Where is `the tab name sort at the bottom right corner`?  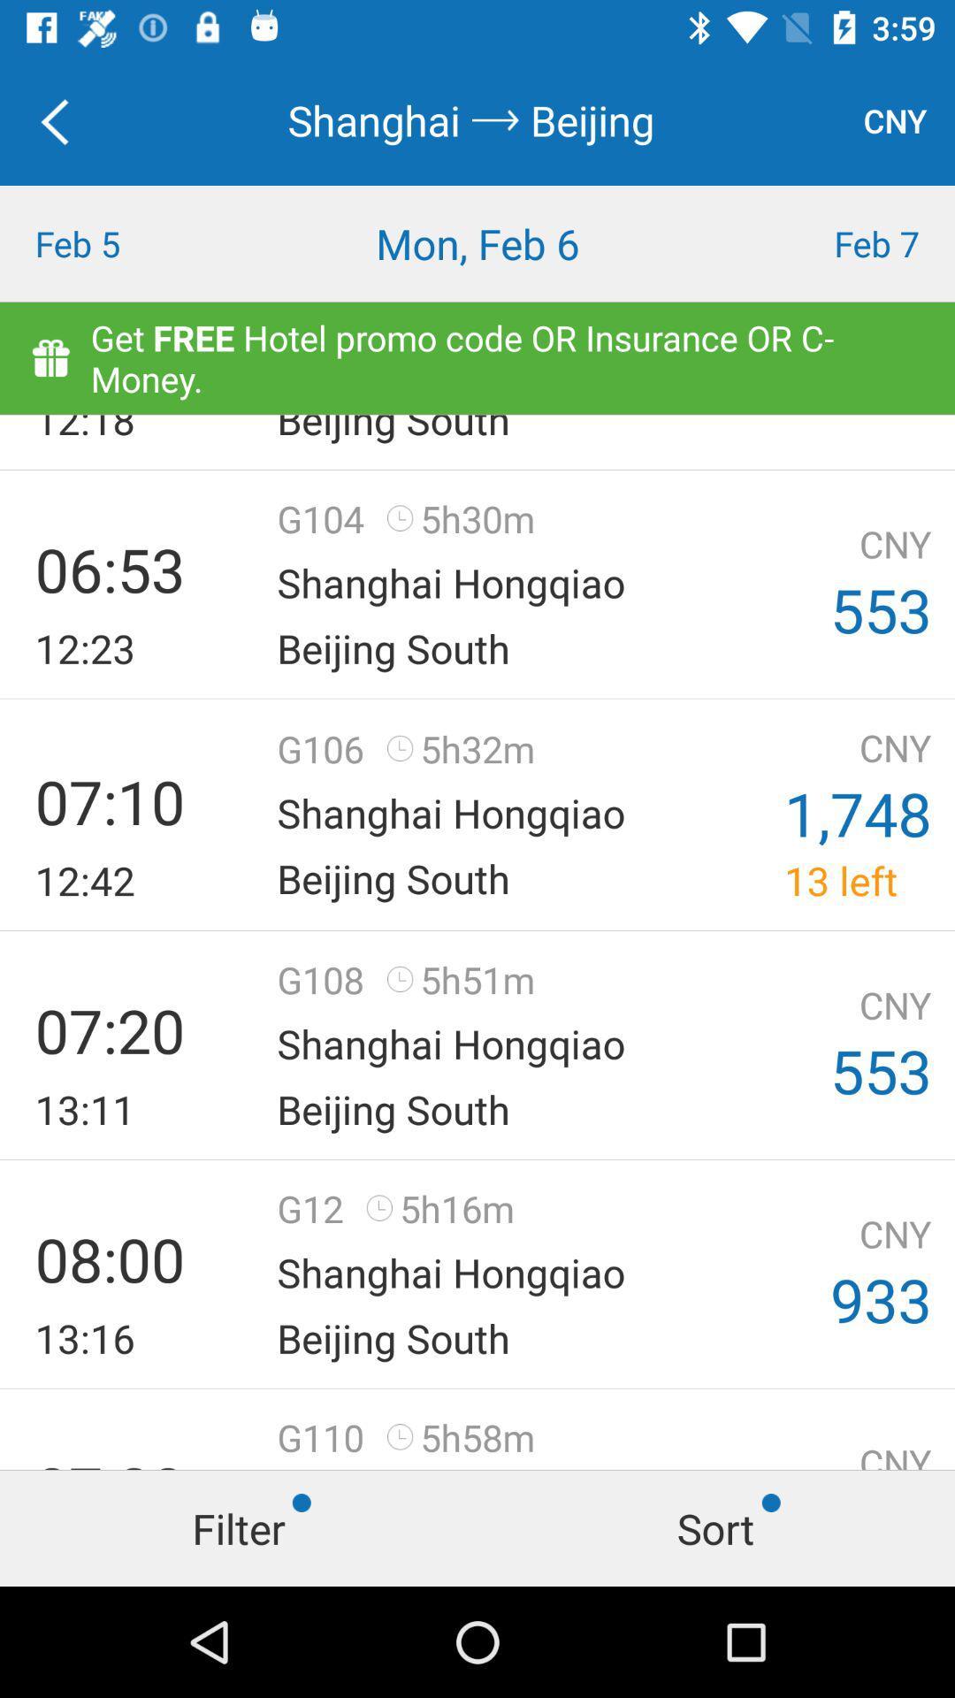 the tab name sort at the bottom right corner is located at coordinates (716, 1527).